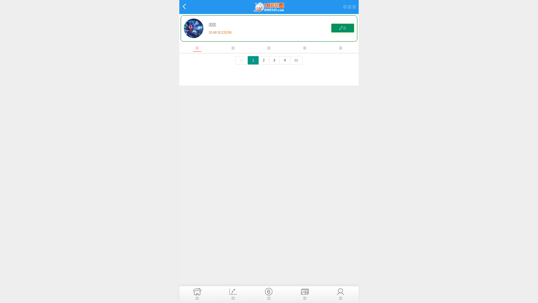 The width and height of the screenshot is (538, 303). What do you see at coordinates (263, 60) in the screenshot?
I see `'2'` at bounding box center [263, 60].